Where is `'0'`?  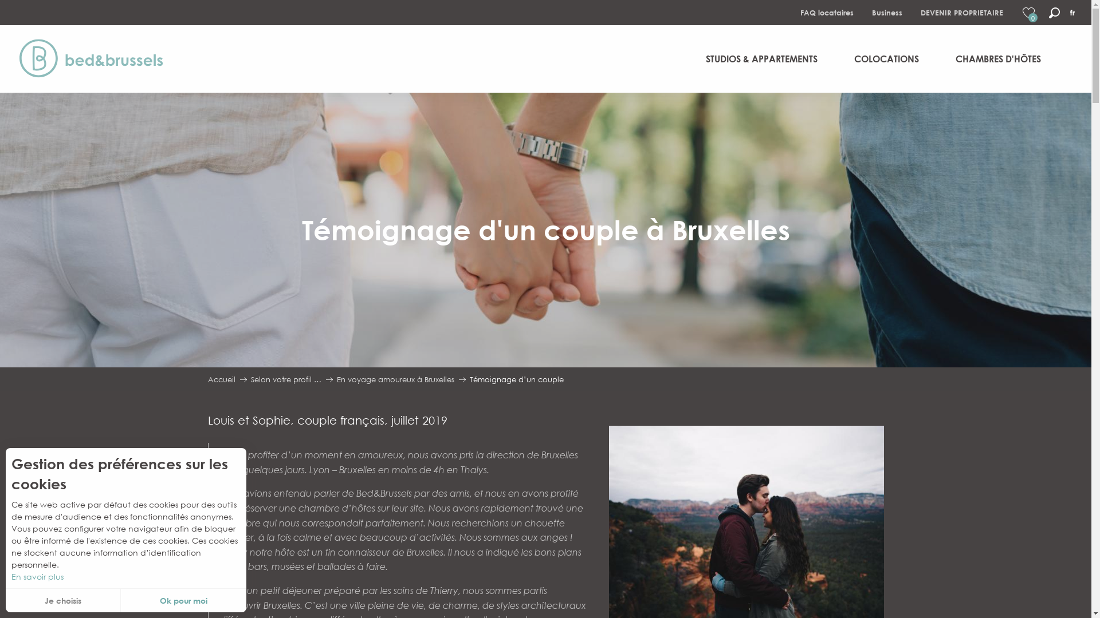 '0' is located at coordinates (1029, 13).